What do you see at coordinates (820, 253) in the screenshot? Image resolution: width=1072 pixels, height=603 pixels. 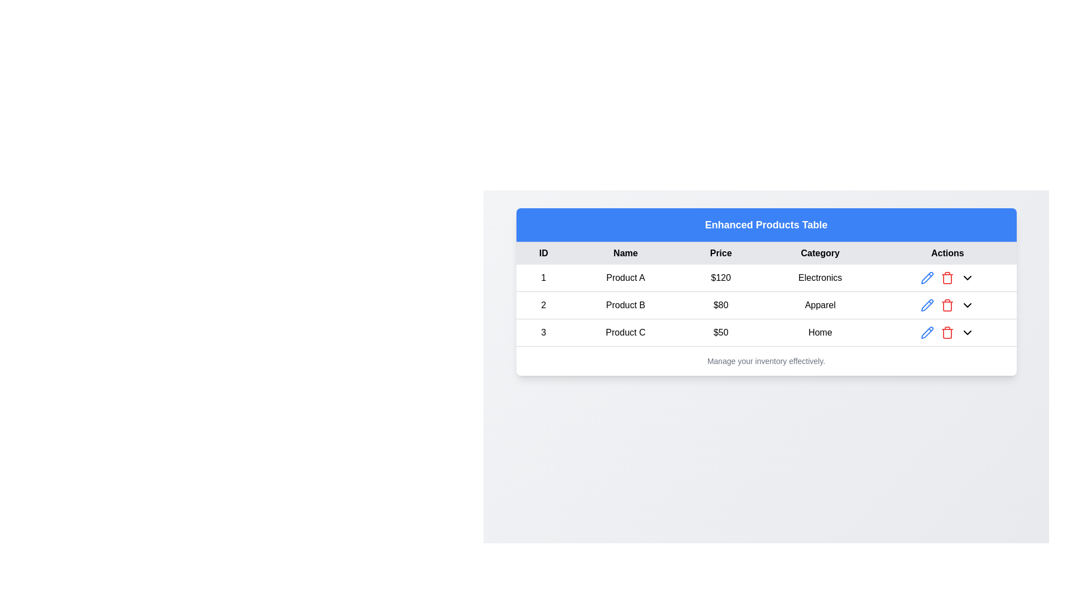 I see `the 'Category' header text label in the fourth column of the table, which is positioned between the 'Price' and 'Actions' columns` at bounding box center [820, 253].